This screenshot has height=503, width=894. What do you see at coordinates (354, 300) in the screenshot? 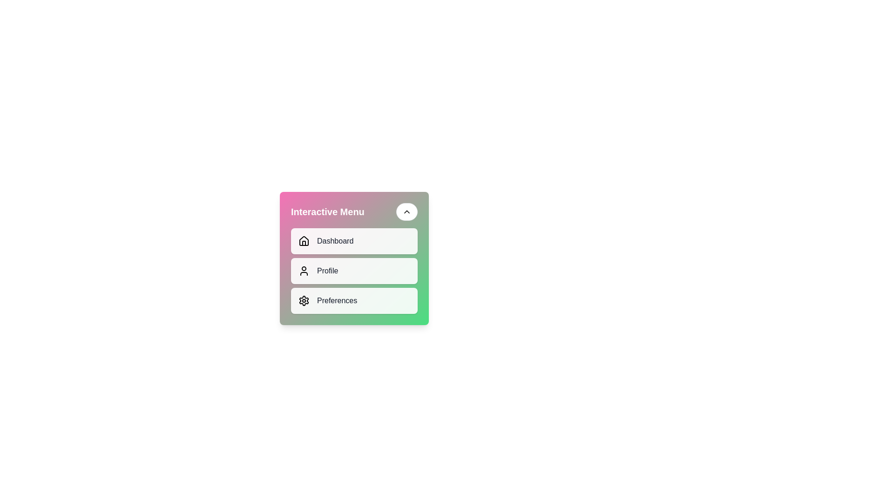
I see `the 'Preferences' menu item, which is the third item in the vertical menu, featuring a gear icon and a white background with rounded corners` at bounding box center [354, 300].